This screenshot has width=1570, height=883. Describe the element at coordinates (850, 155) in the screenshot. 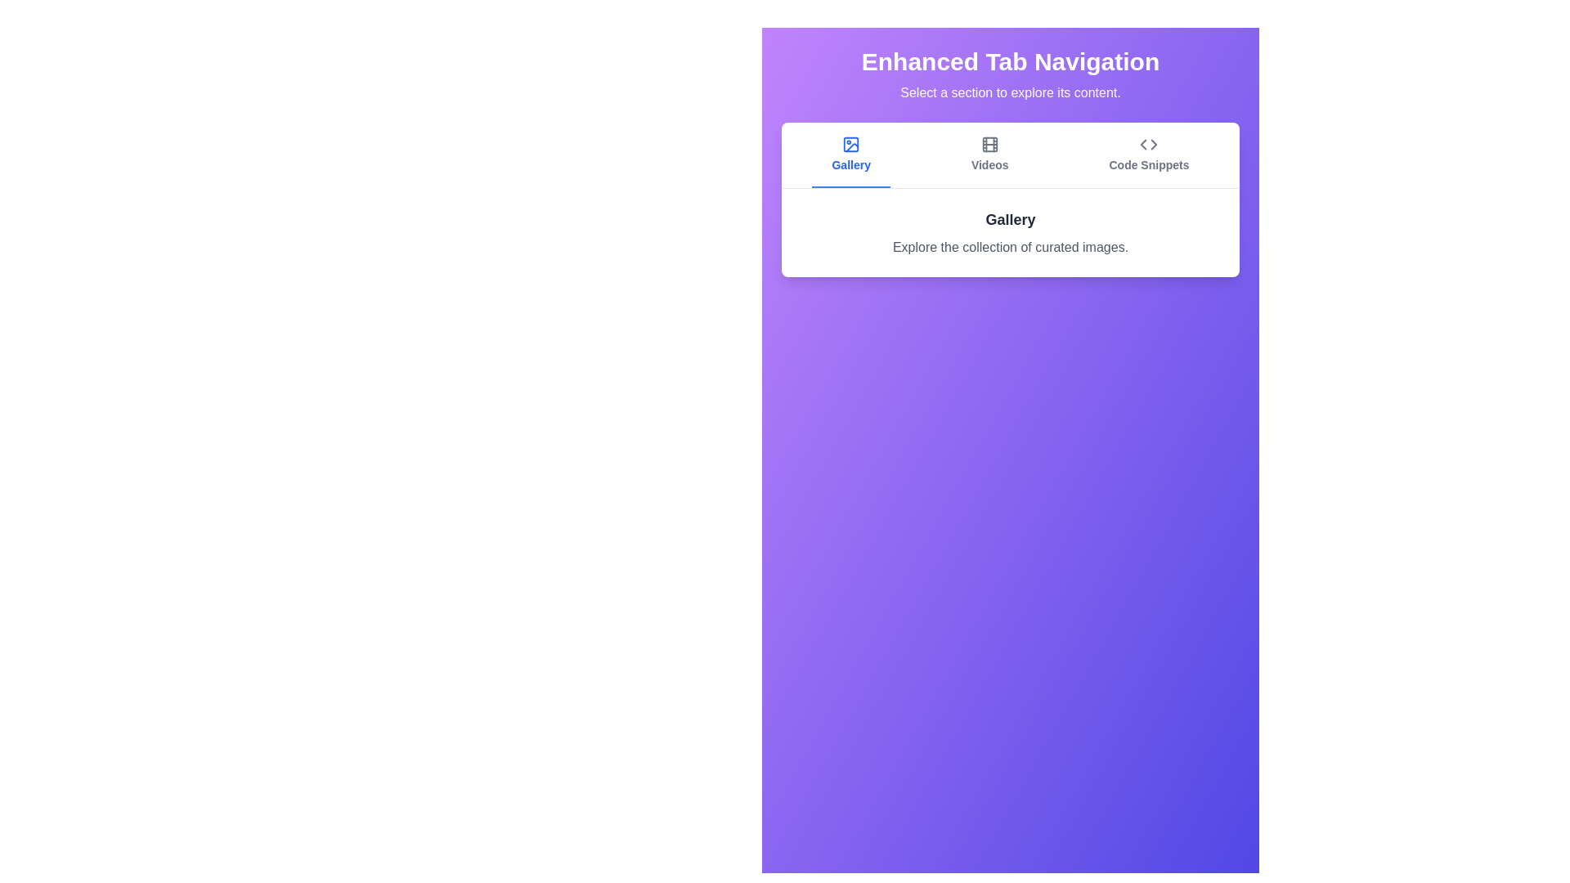

I see `the tab labeled Gallery` at that location.